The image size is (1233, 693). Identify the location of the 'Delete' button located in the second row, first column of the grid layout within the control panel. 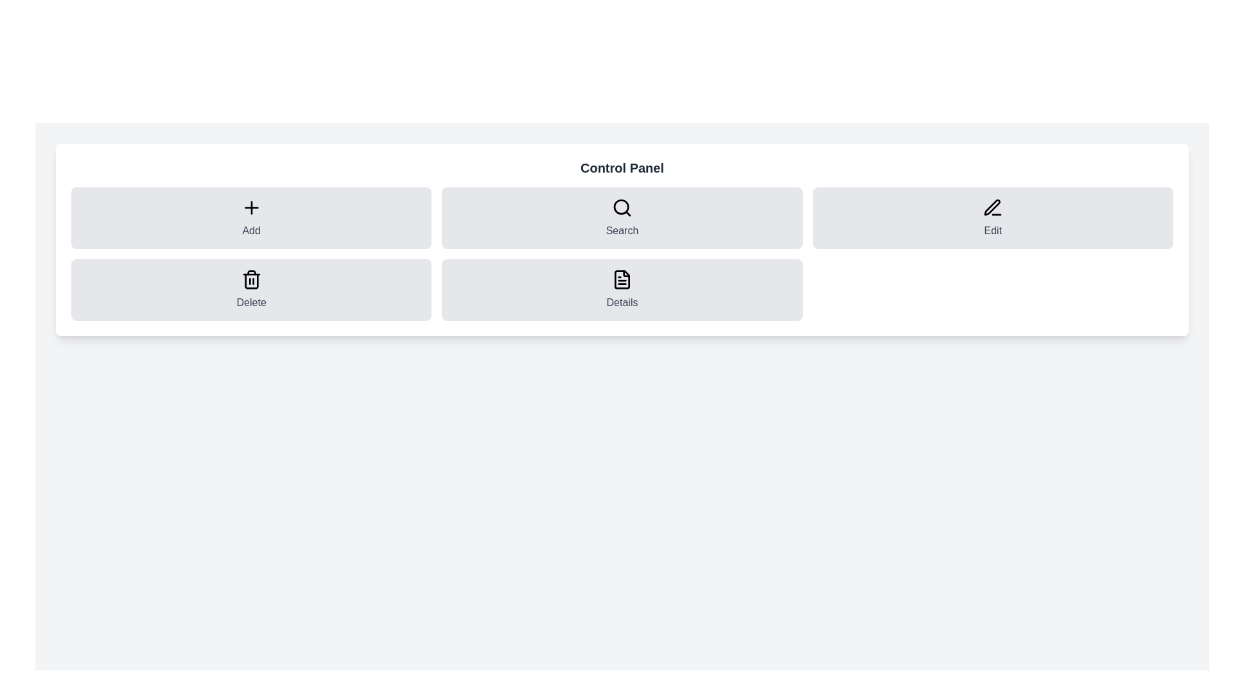
(251, 289).